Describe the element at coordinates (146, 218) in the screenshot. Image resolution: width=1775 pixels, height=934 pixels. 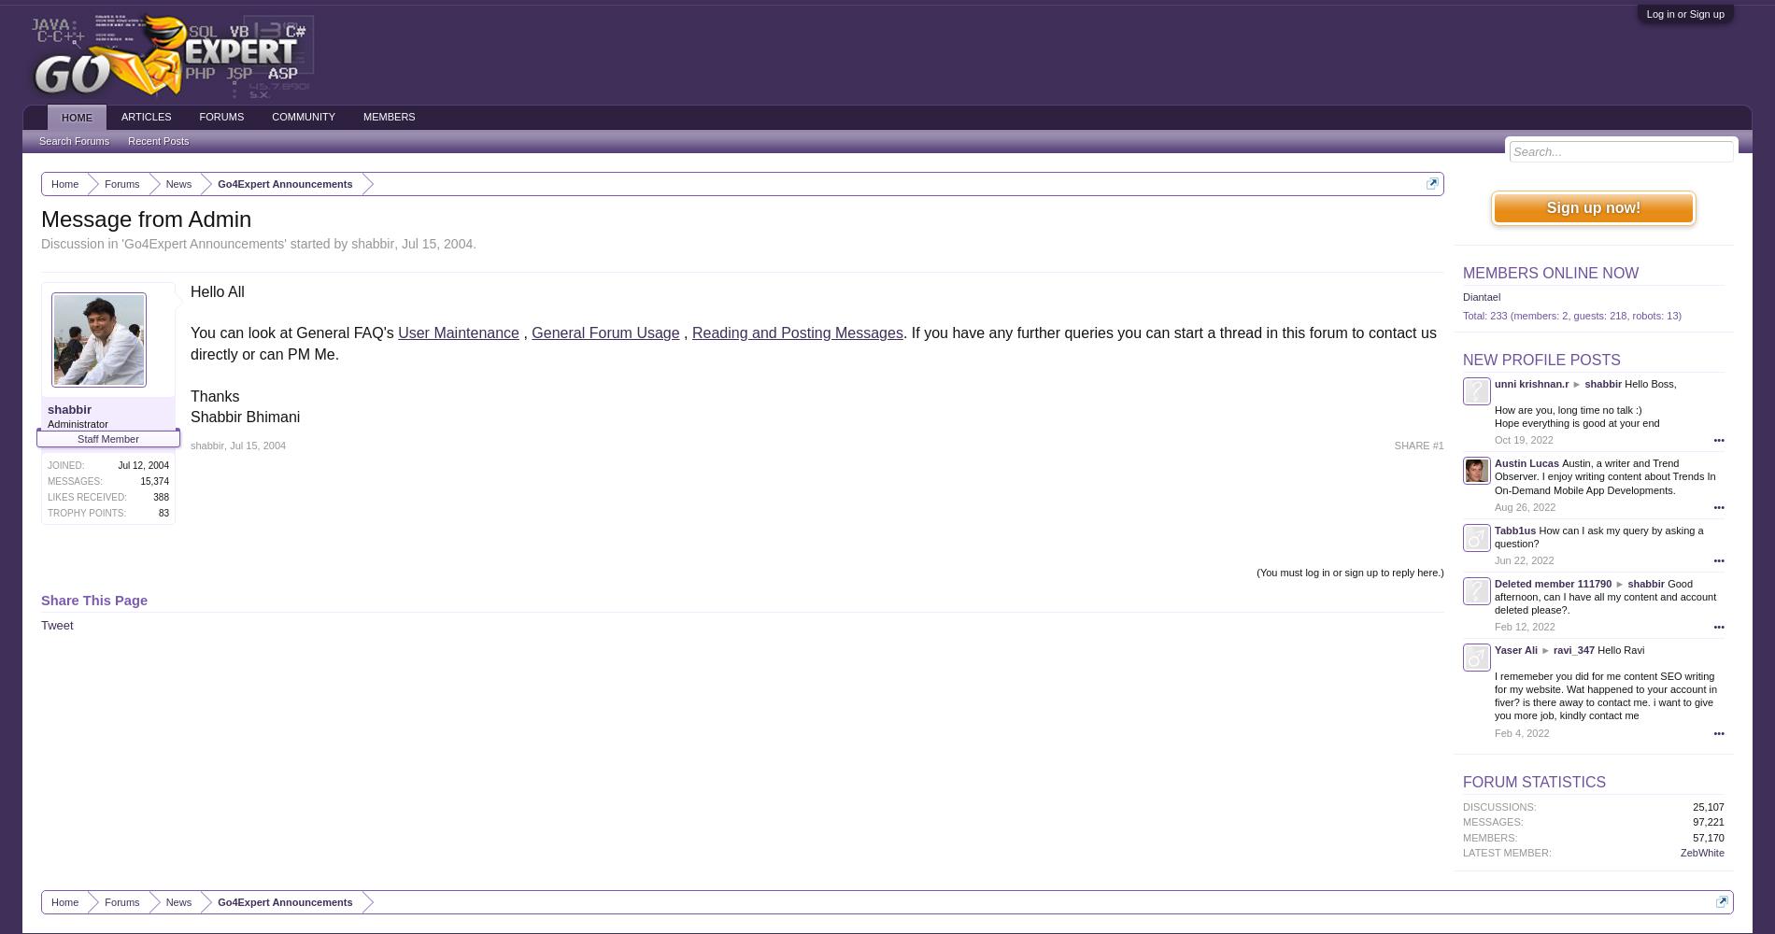
I see `'Message from Admin'` at that location.